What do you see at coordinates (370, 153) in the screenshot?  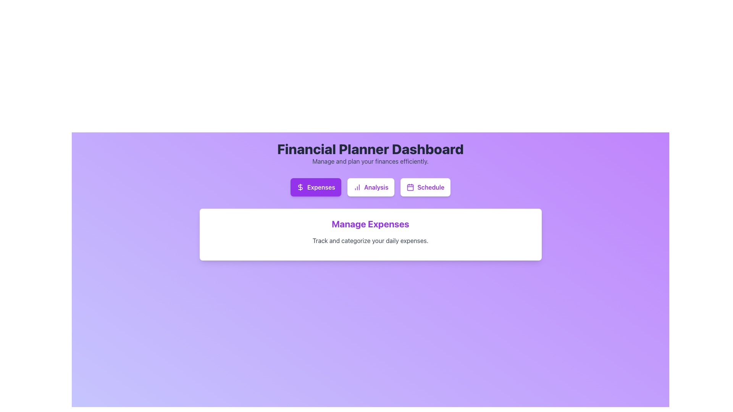 I see `text of the Header with subtitle that includes the title 'Financial Planner Dashboard' and the subtitle 'Manage and plan your finances efficiently.'` at bounding box center [370, 153].